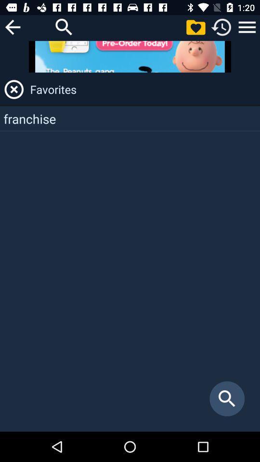 The image size is (260, 462). What do you see at coordinates (130, 56) in the screenshot?
I see `open advertisement` at bounding box center [130, 56].